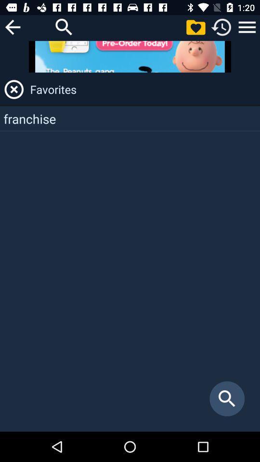 The image size is (260, 462). What do you see at coordinates (130, 56) in the screenshot?
I see `open advertisement` at bounding box center [130, 56].